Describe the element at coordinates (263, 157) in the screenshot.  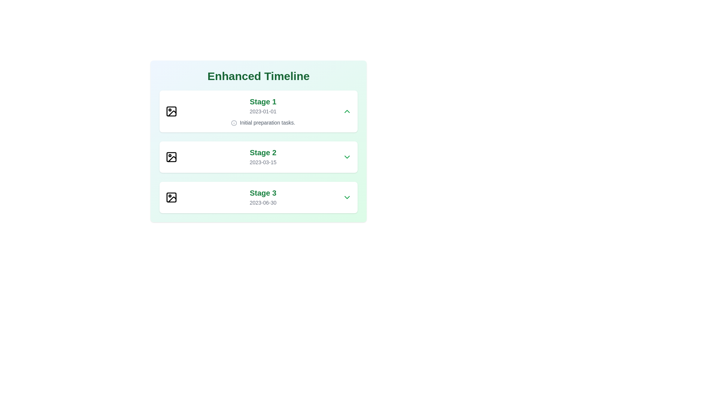
I see `the information displayed in the text block that indicates the project stage, which is the second item in a vertical list of similar components, positioned between 'Stage 1' and 'Stage 3' in the interface` at that location.